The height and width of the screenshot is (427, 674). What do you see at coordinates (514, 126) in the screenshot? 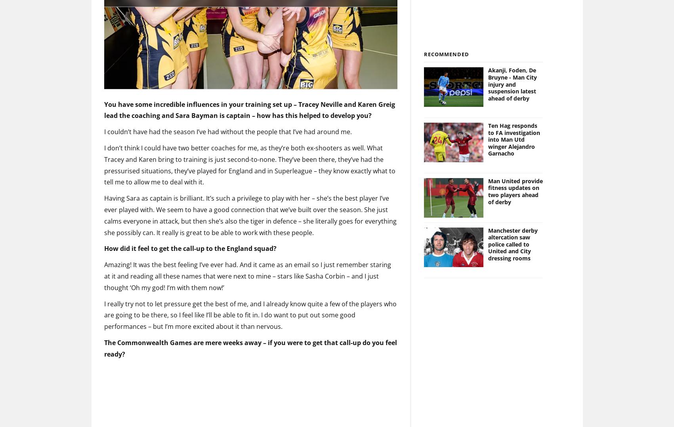
I see `'Ten Hag responds to FA investigation into Man Utd winger Alejandro Garnacho'` at bounding box center [514, 126].